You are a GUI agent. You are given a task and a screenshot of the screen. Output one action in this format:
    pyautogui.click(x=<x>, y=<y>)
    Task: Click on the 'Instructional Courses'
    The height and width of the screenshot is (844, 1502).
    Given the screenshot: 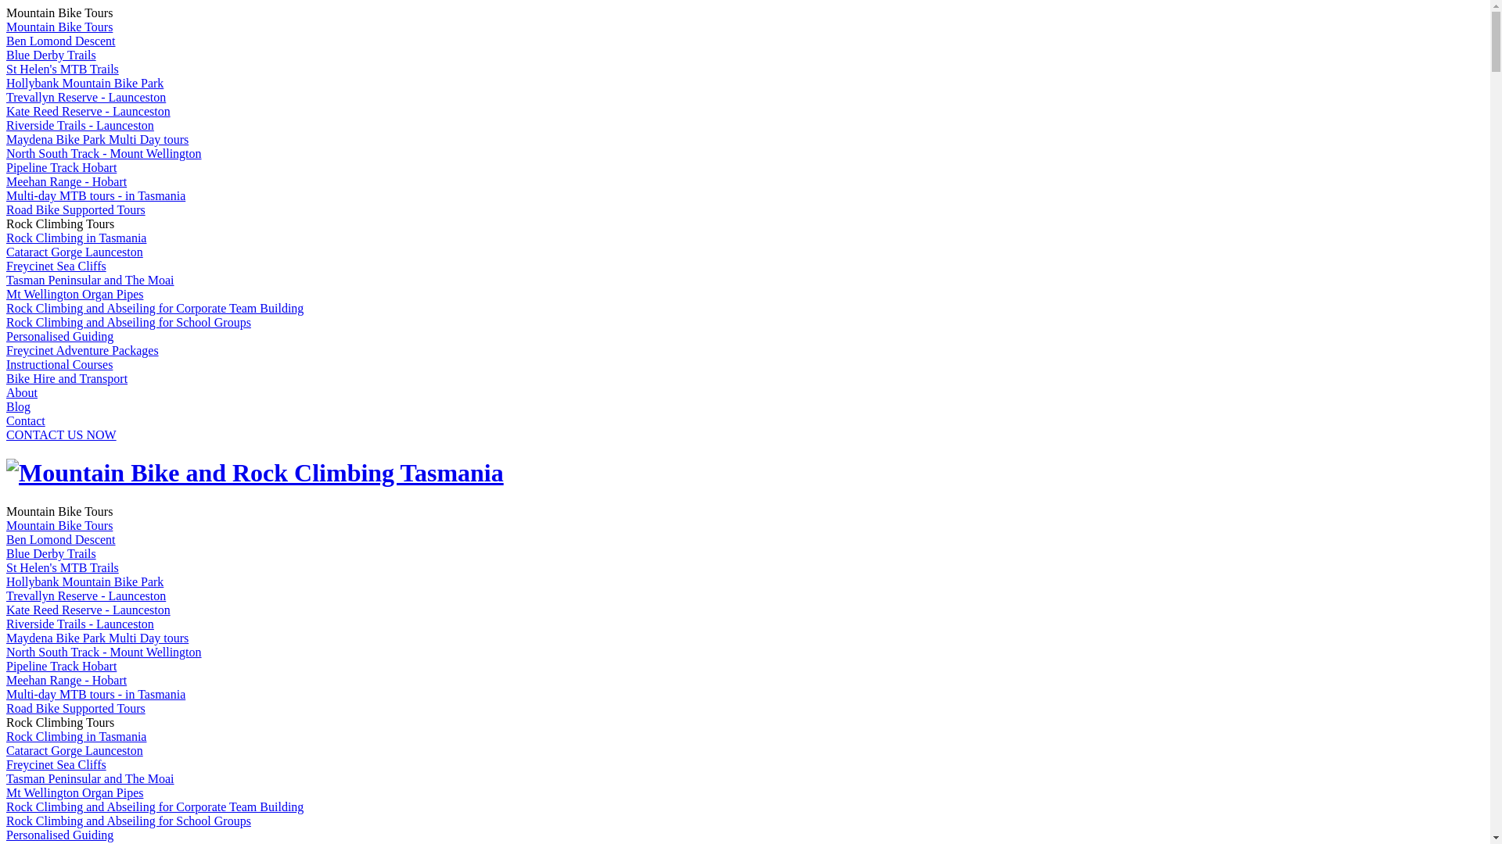 What is the action you would take?
    pyautogui.click(x=59, y=364)
    